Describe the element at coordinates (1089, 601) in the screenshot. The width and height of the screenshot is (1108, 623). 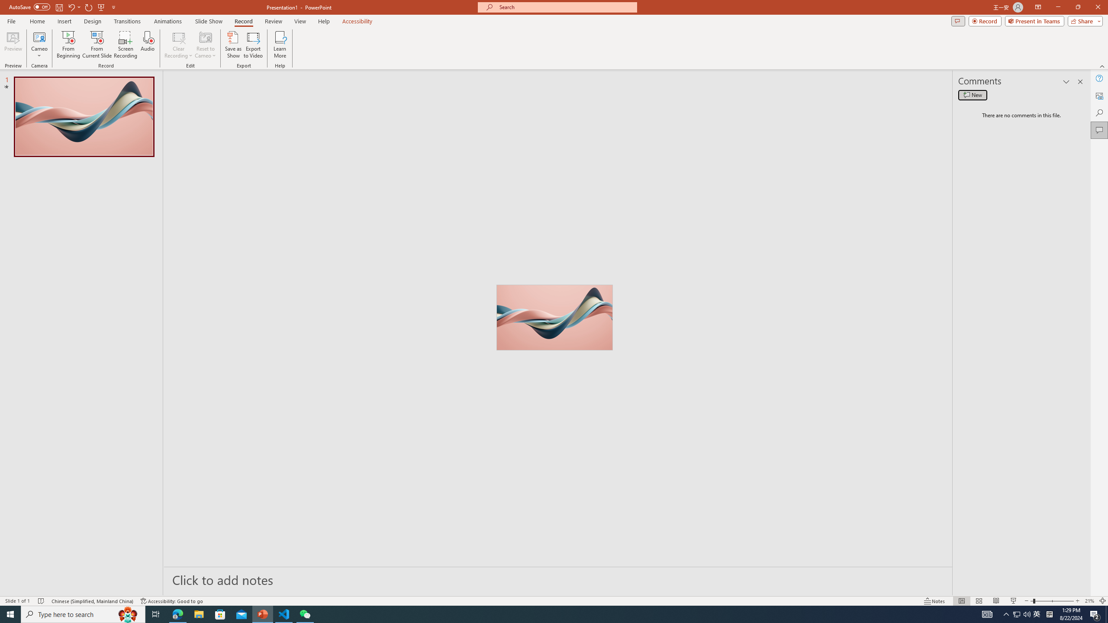
I see `'Zoom 21%'` at that location.